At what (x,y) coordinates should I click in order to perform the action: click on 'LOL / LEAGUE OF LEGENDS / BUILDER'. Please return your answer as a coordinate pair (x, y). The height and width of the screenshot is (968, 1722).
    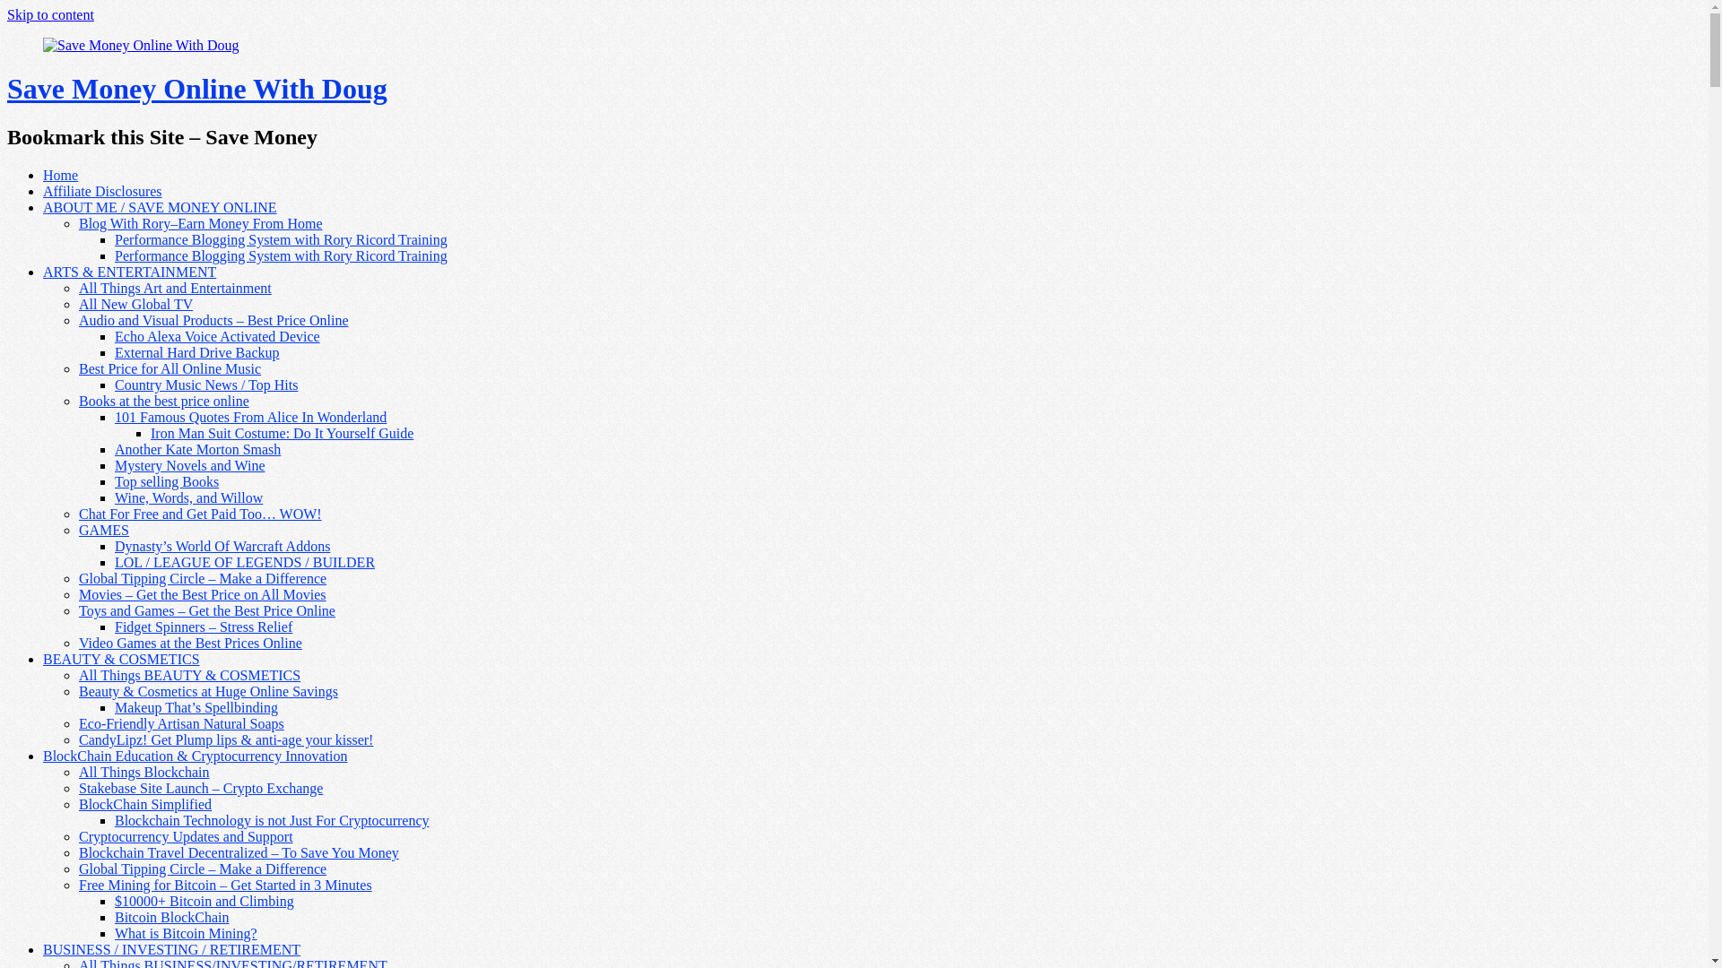
    Looking at the image, I should click on (244, 561).